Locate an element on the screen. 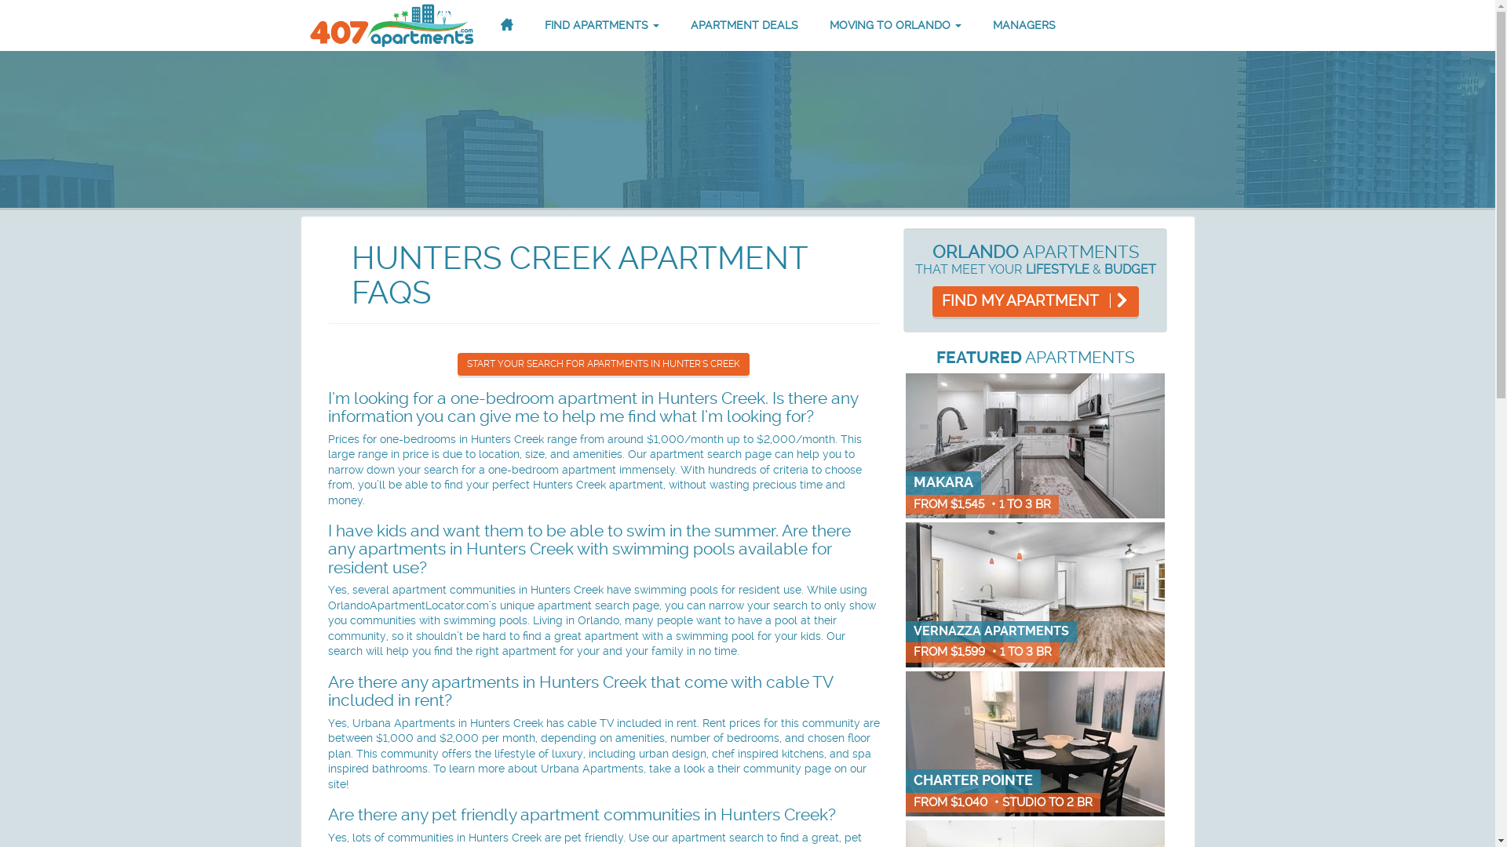 Image resolution: width=1507 pixels, height=847 pixels. 'FIND APARTMENTS' is located at coordinates (600, 25).